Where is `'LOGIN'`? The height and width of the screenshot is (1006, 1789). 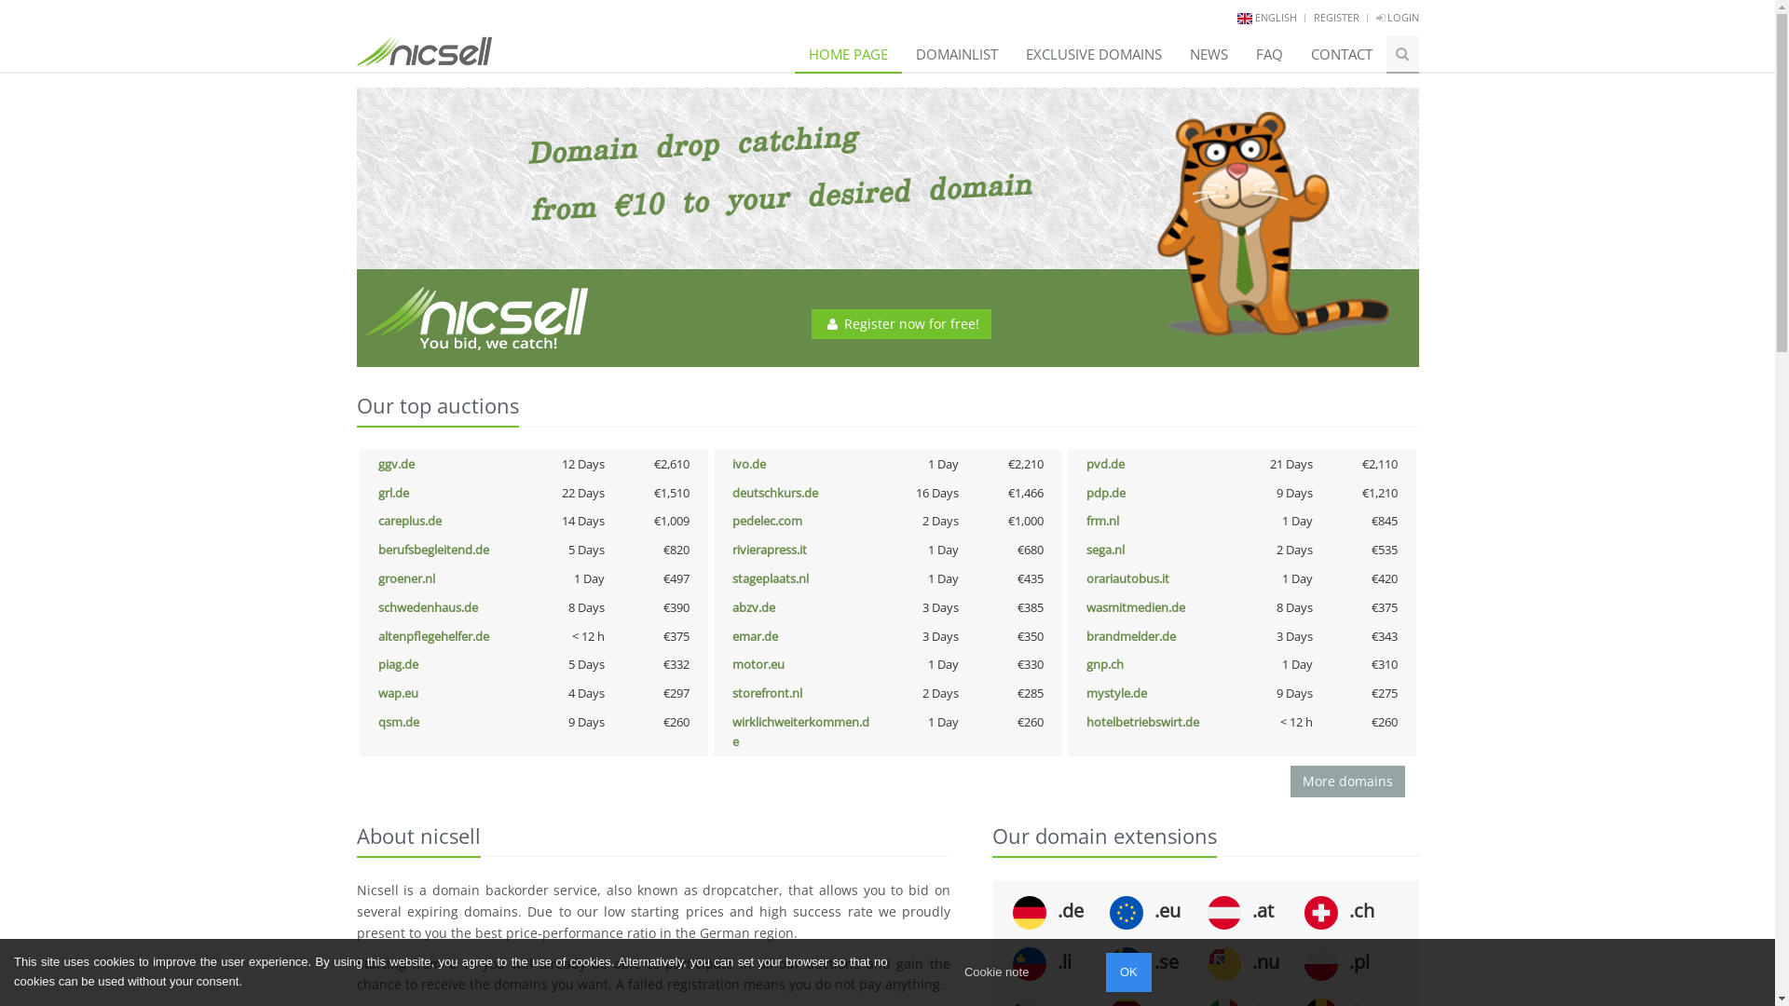
'LOGIN' is located at coordinates (1396, 17).